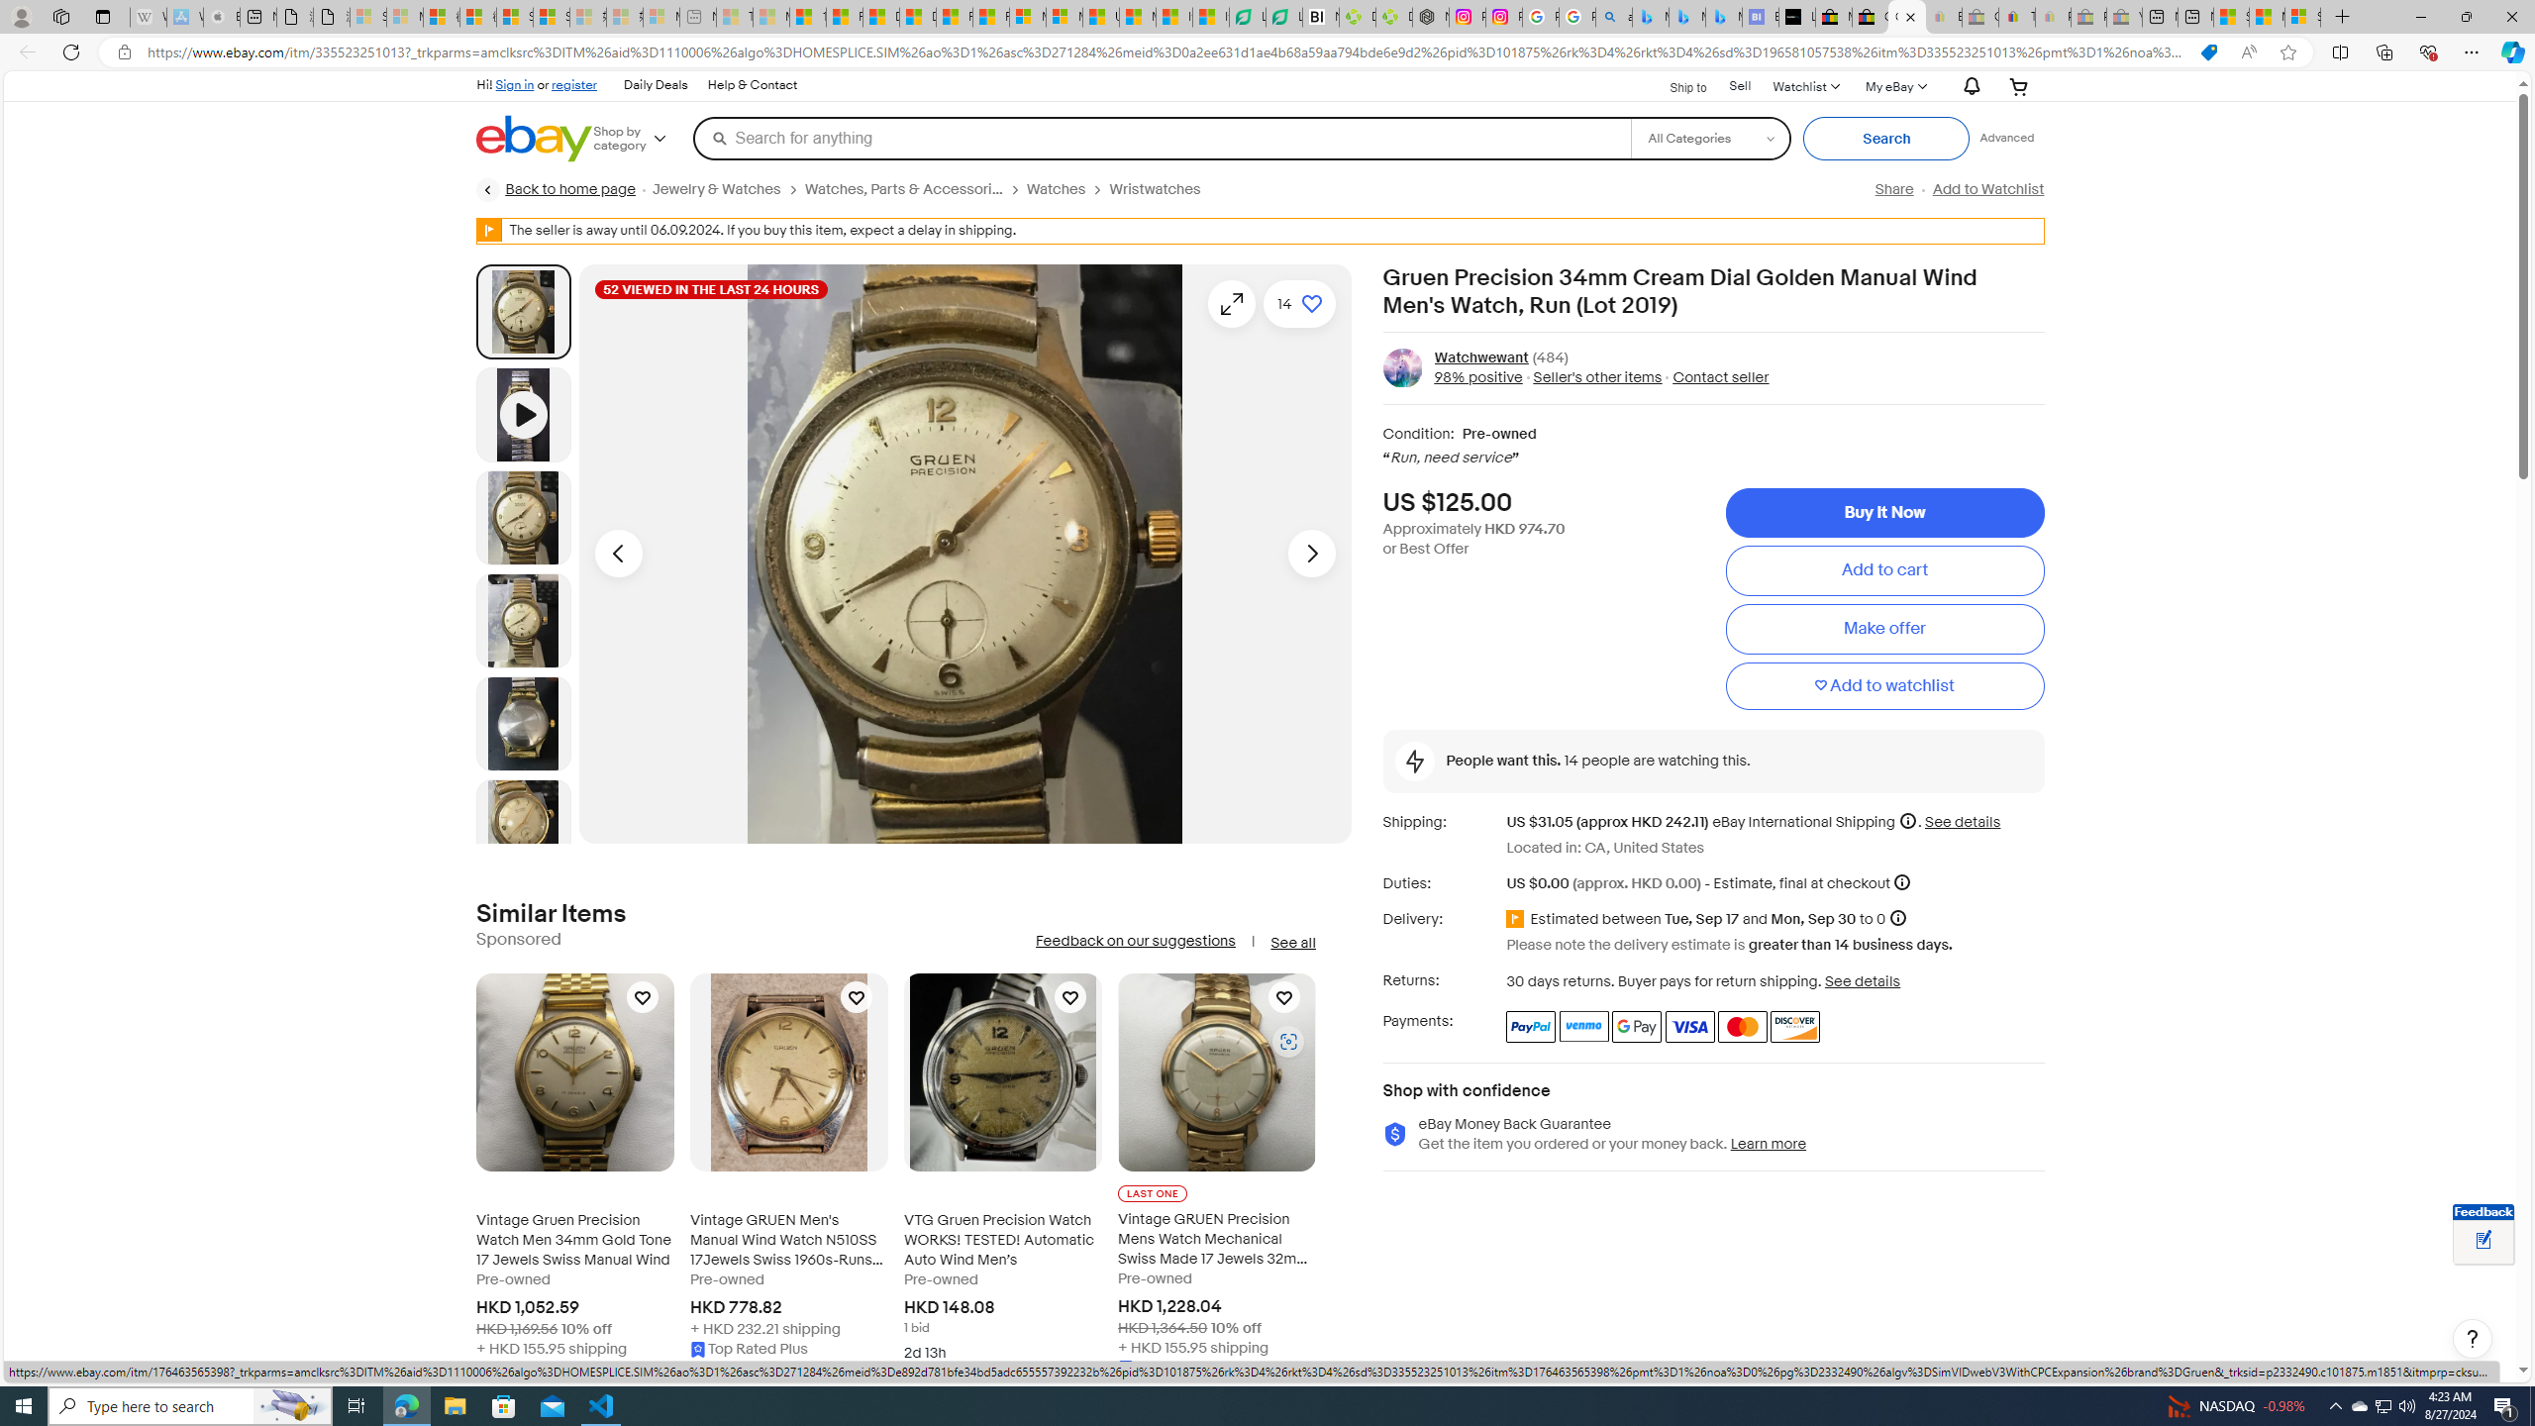  I want to click on 'Add to cart', so click(1884, 571).